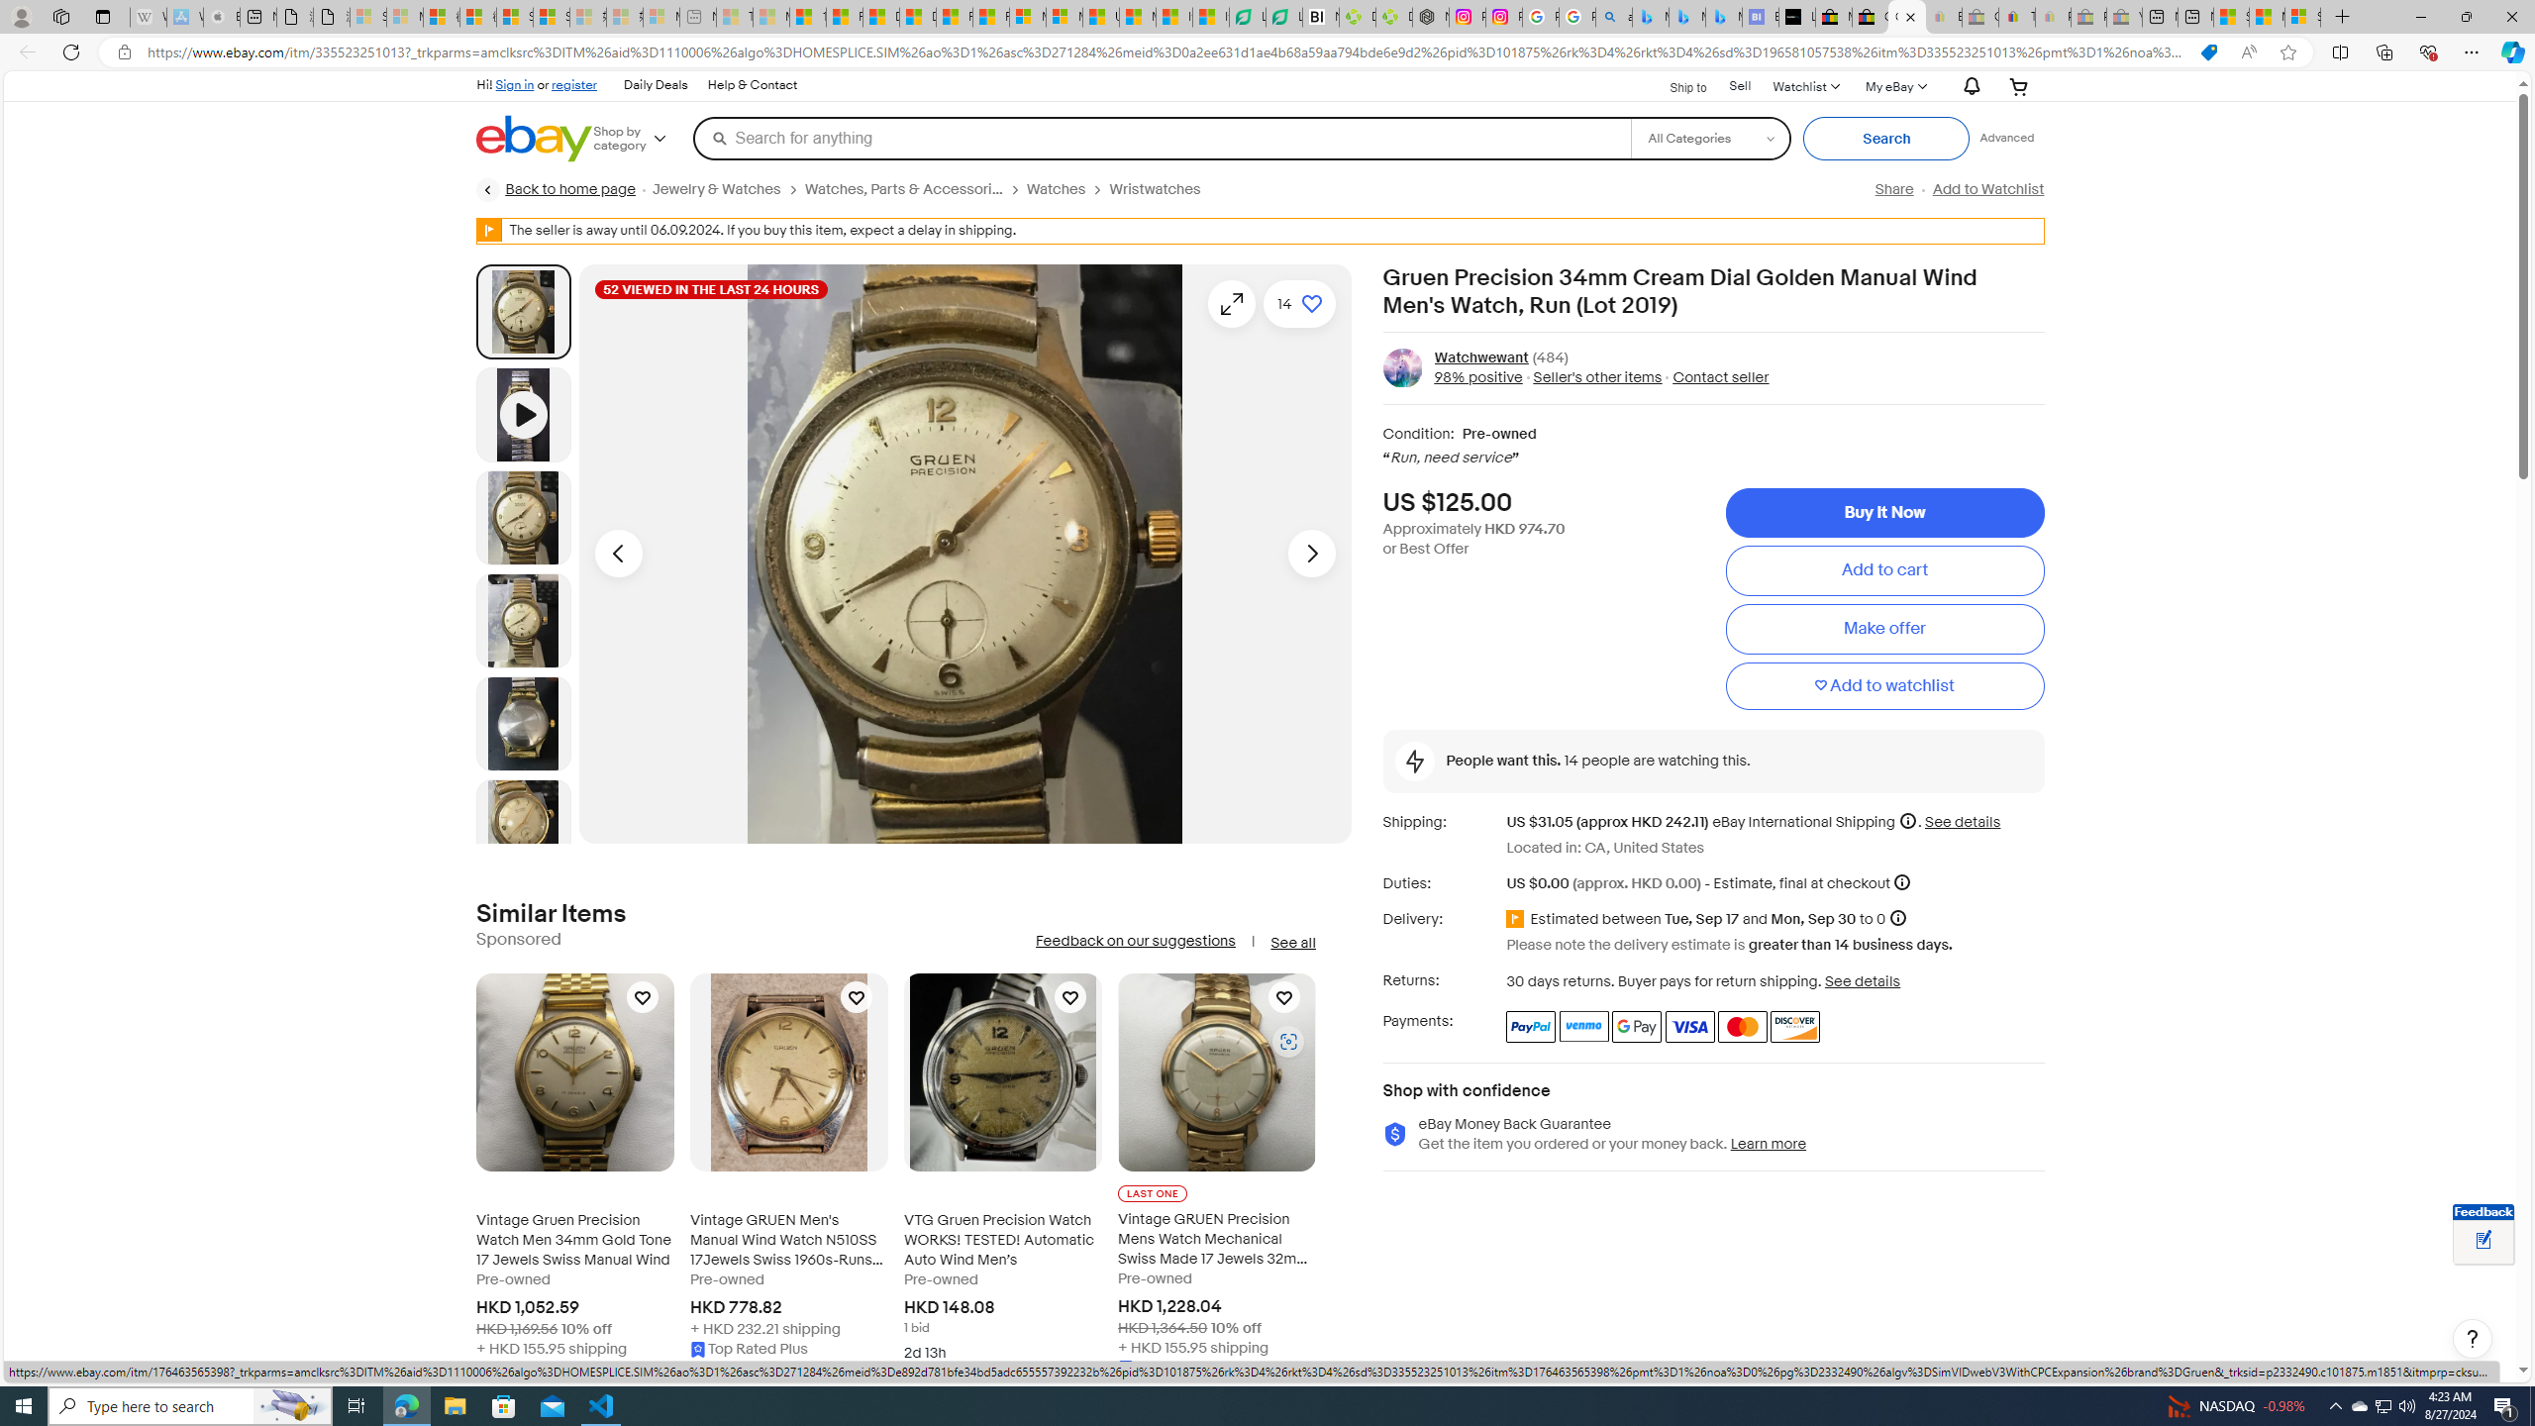  I want to click on 'Add to cart', so click(1884, 571).